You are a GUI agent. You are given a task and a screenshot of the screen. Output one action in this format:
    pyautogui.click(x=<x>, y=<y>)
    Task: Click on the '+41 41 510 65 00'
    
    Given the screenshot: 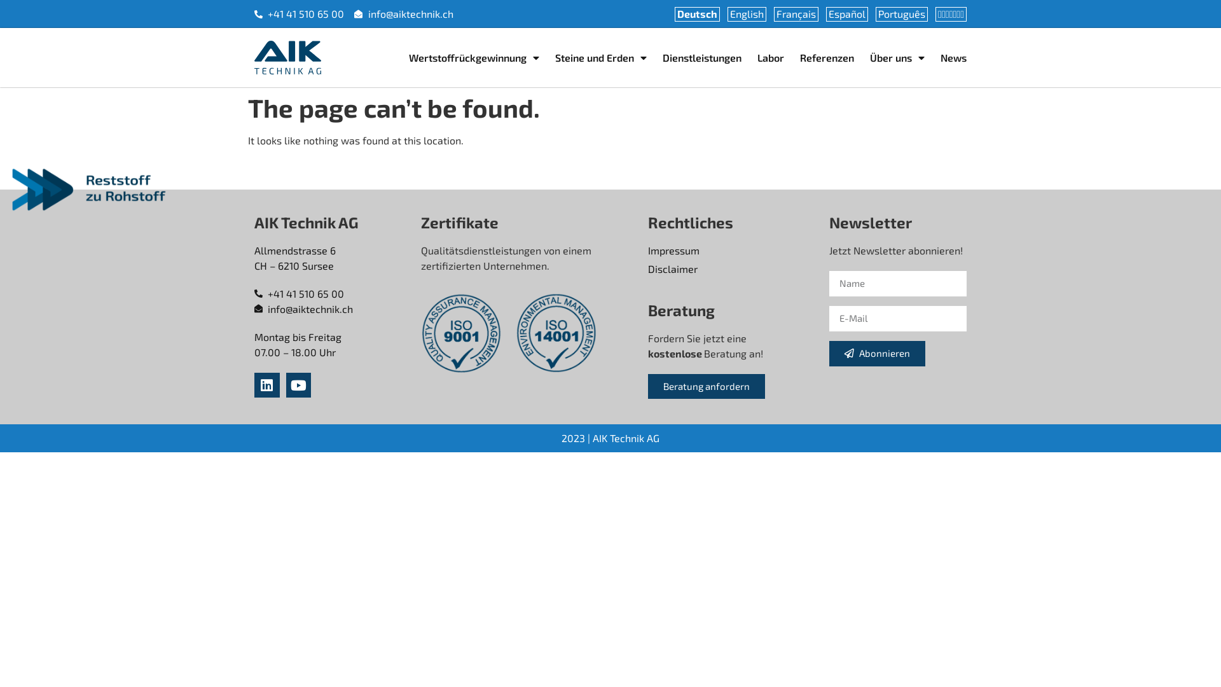 What is the action you would take?
    pyautogui.click(x=331, y=294)
    